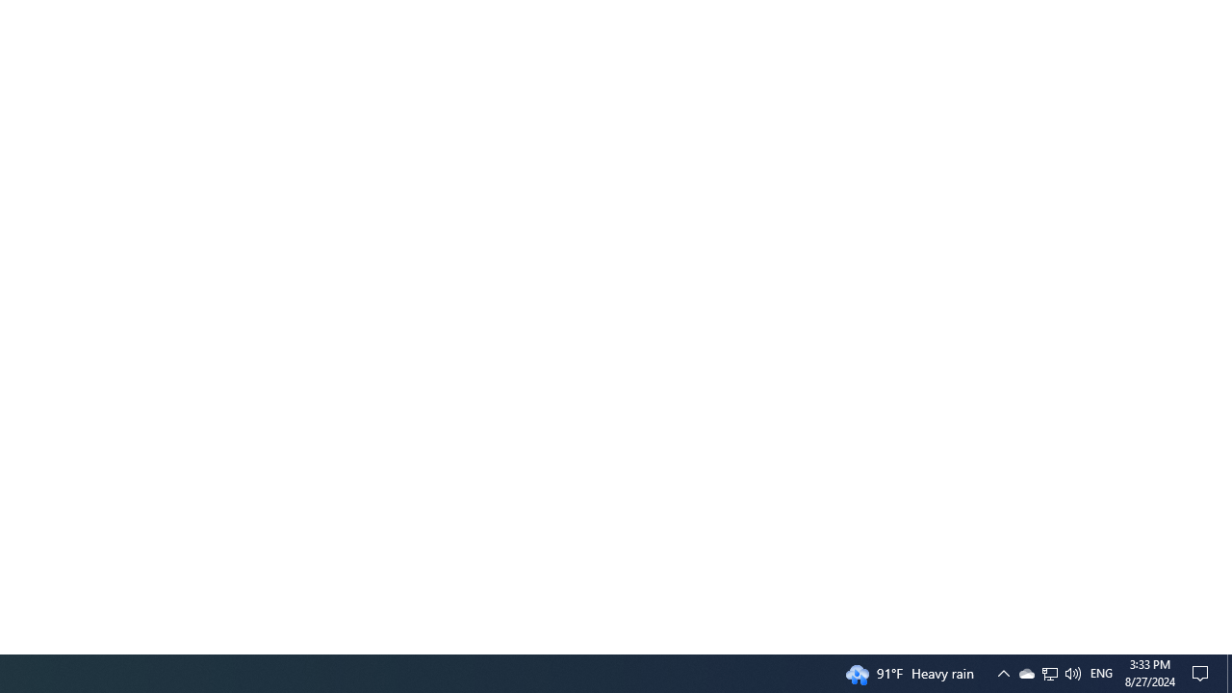 This screenshot has width=1232, height=693. What do you see at coordinates (1049, 672) in the screenshot?
I see `'Notification Chevron'` at bounding box center [1049, 672].